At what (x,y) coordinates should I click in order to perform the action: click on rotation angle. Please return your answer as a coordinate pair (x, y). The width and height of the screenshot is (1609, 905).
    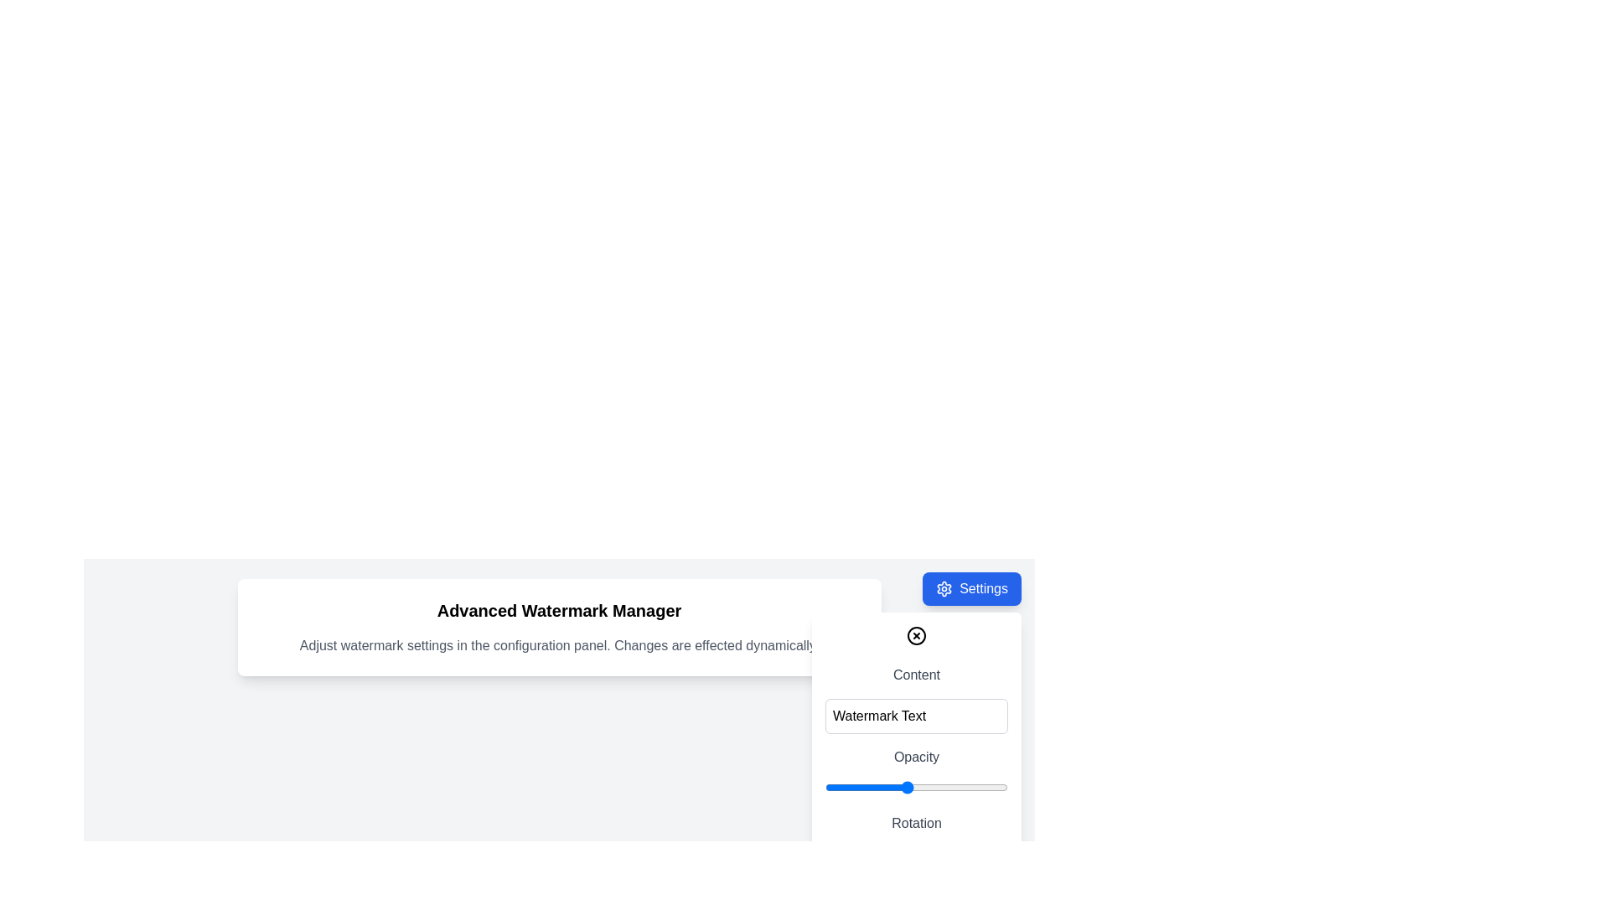
    Looking at the image, I should click on (991, 853).